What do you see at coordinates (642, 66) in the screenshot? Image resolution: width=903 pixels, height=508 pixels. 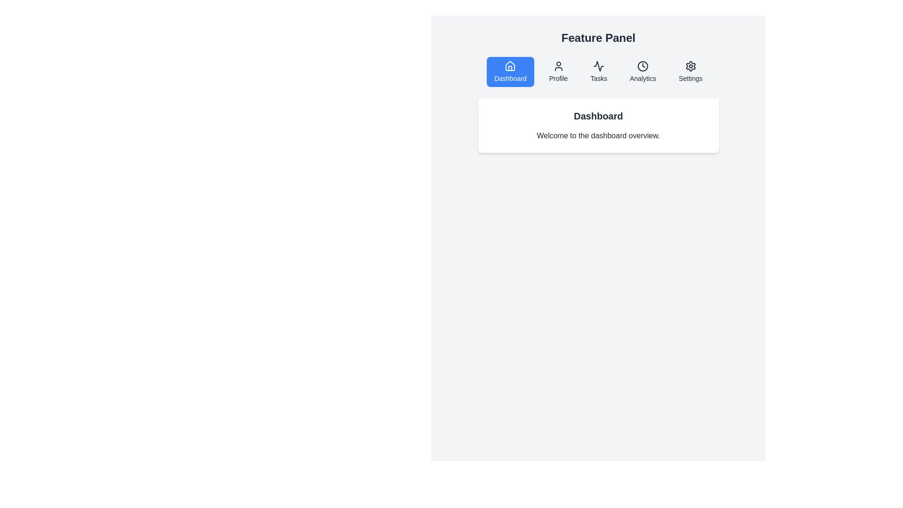 I see `the decorative SVG circle within the clock icon located in the 'Analytics' section of the top navigation bar` at bounding box center [642, 66].